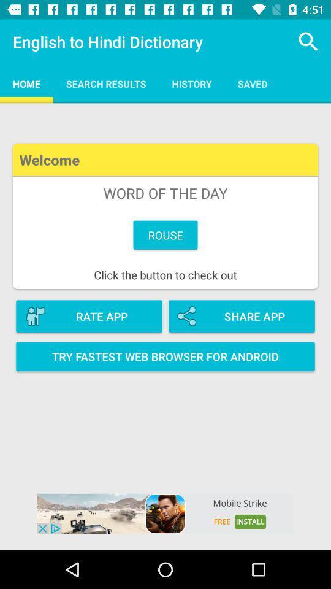 This screenshot has width=331, height=589. I want to click on mobile strike advertisement, so click(165, 514).